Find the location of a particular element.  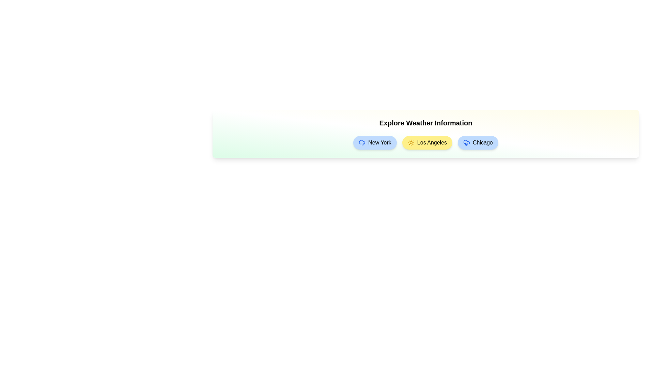

the weather chip for Los Angeles is located at coordinates (426, 142).